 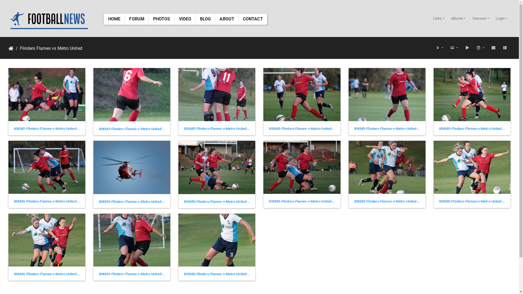 I want to click on 'Discover', so click(x=481, y=18).